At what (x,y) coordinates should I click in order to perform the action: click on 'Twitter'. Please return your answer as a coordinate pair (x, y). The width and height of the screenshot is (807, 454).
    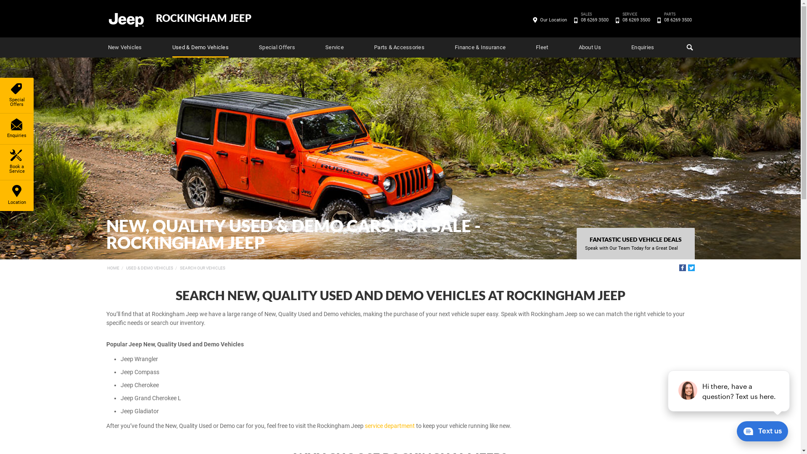
    Looking at the image, I should click on (691, 267).